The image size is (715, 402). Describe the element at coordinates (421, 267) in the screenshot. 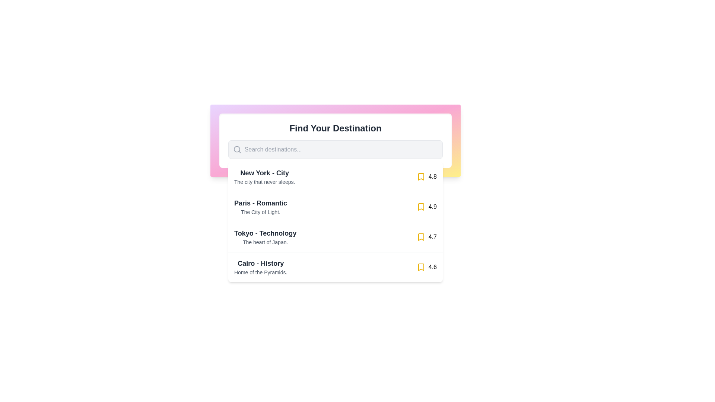

I see `the fourth bookmark icon in the list of destinations` at that location.